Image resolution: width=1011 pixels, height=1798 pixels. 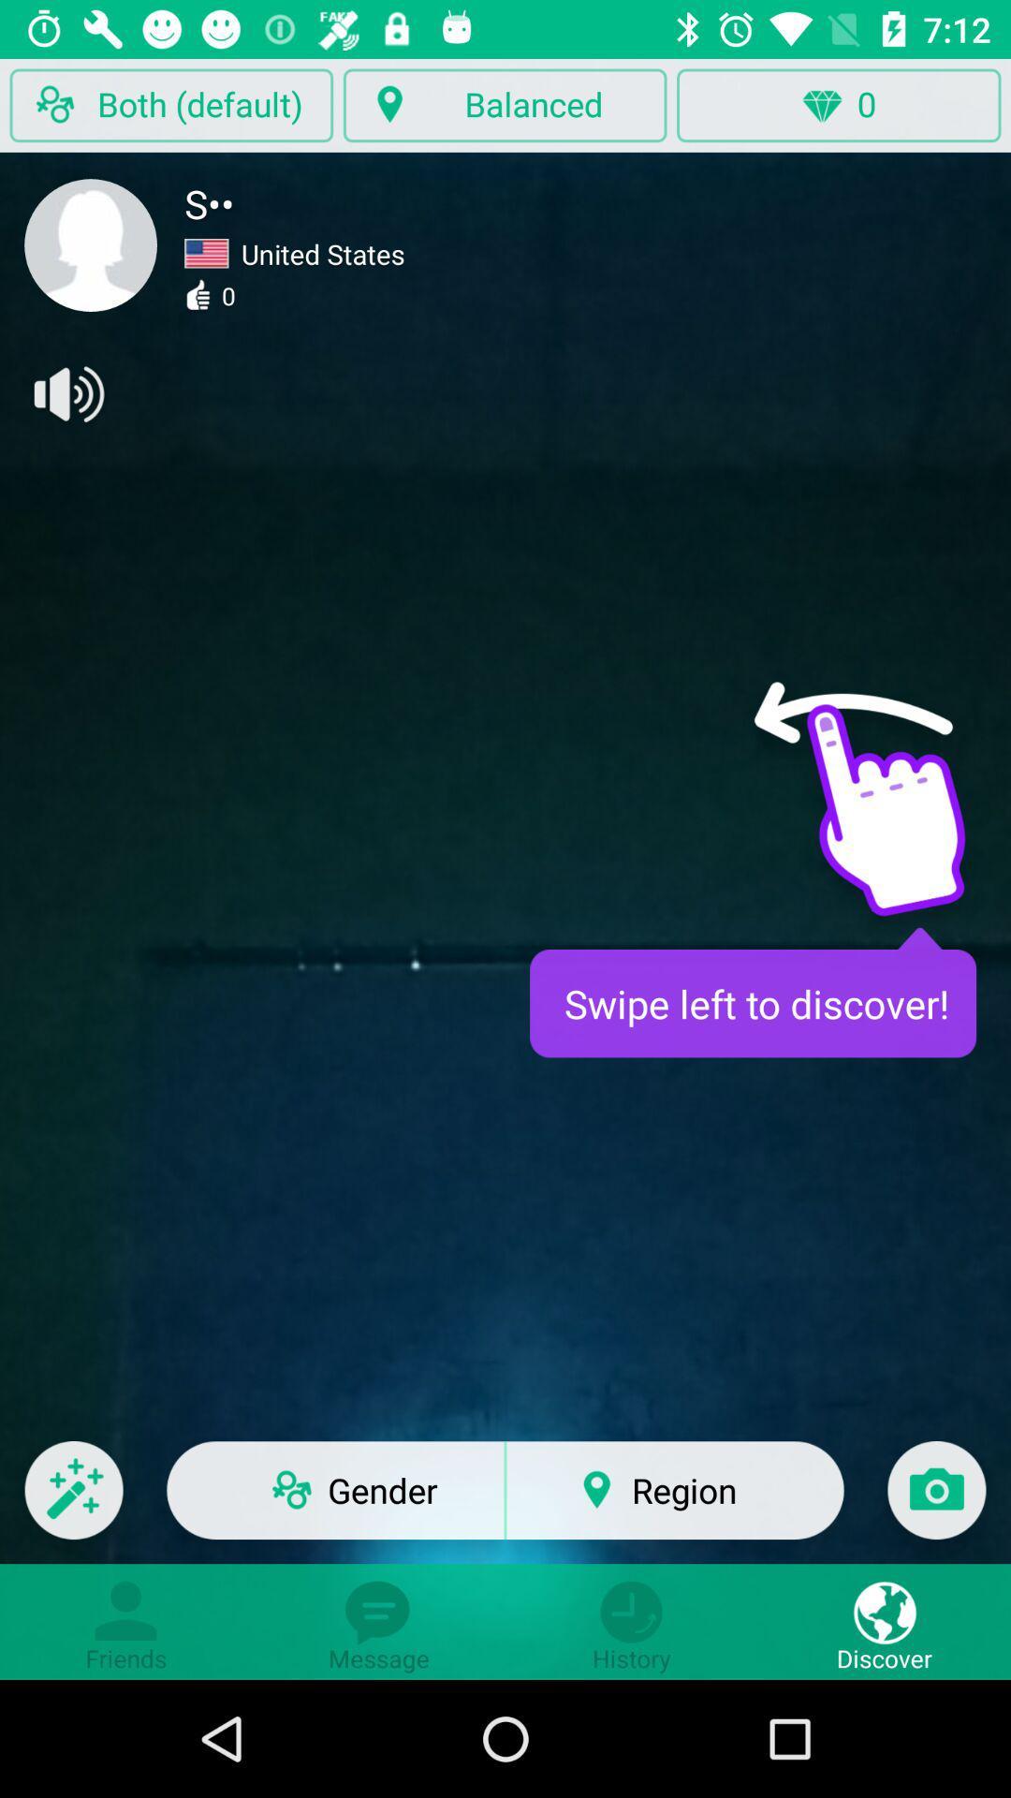 What do you see at coordinates (66, 393) in the screenshot?
I see `the volume icon` at bounding box center [66, 393].